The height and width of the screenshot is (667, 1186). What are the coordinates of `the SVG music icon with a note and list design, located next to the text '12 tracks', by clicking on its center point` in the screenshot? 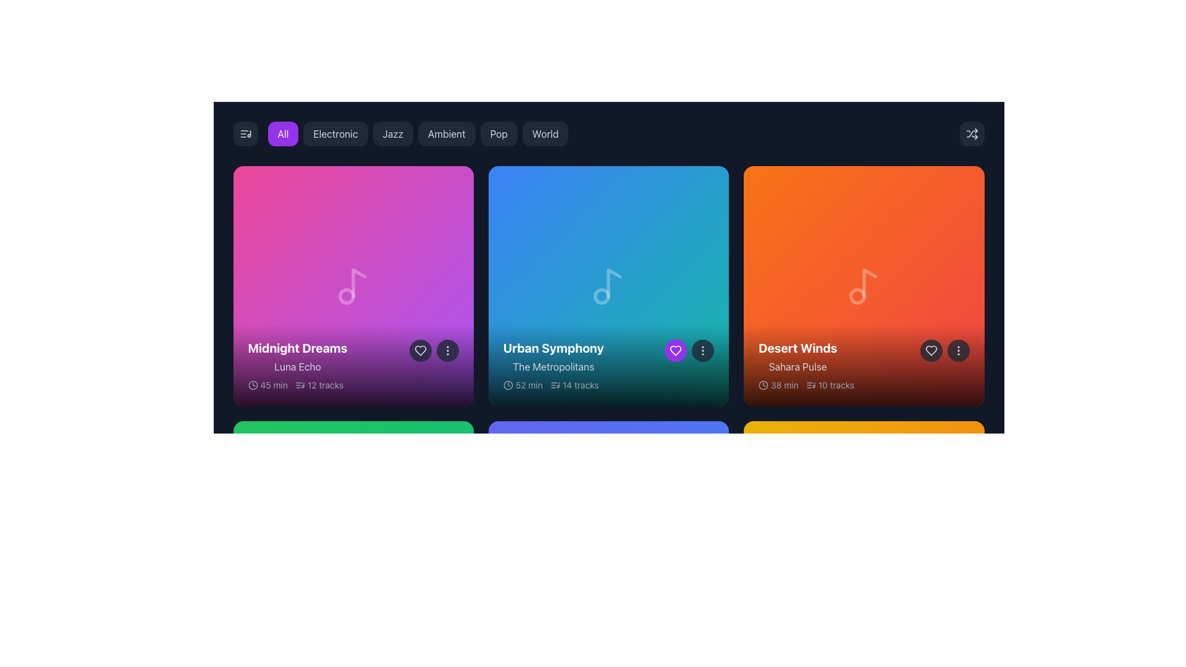 It's located at (300, 385).